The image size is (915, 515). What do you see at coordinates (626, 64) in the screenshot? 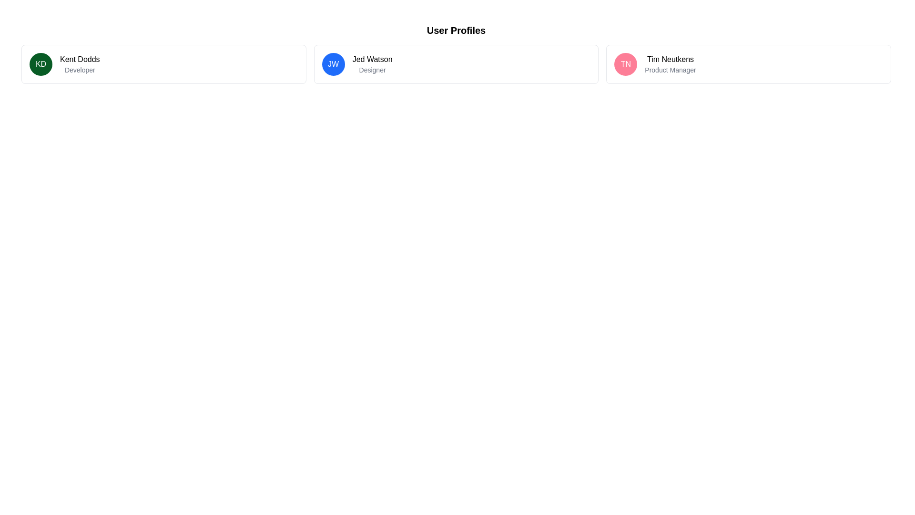
I see `the Circular Avatar of user 'Tim Neutkens'` at bounding box center [626, 64].